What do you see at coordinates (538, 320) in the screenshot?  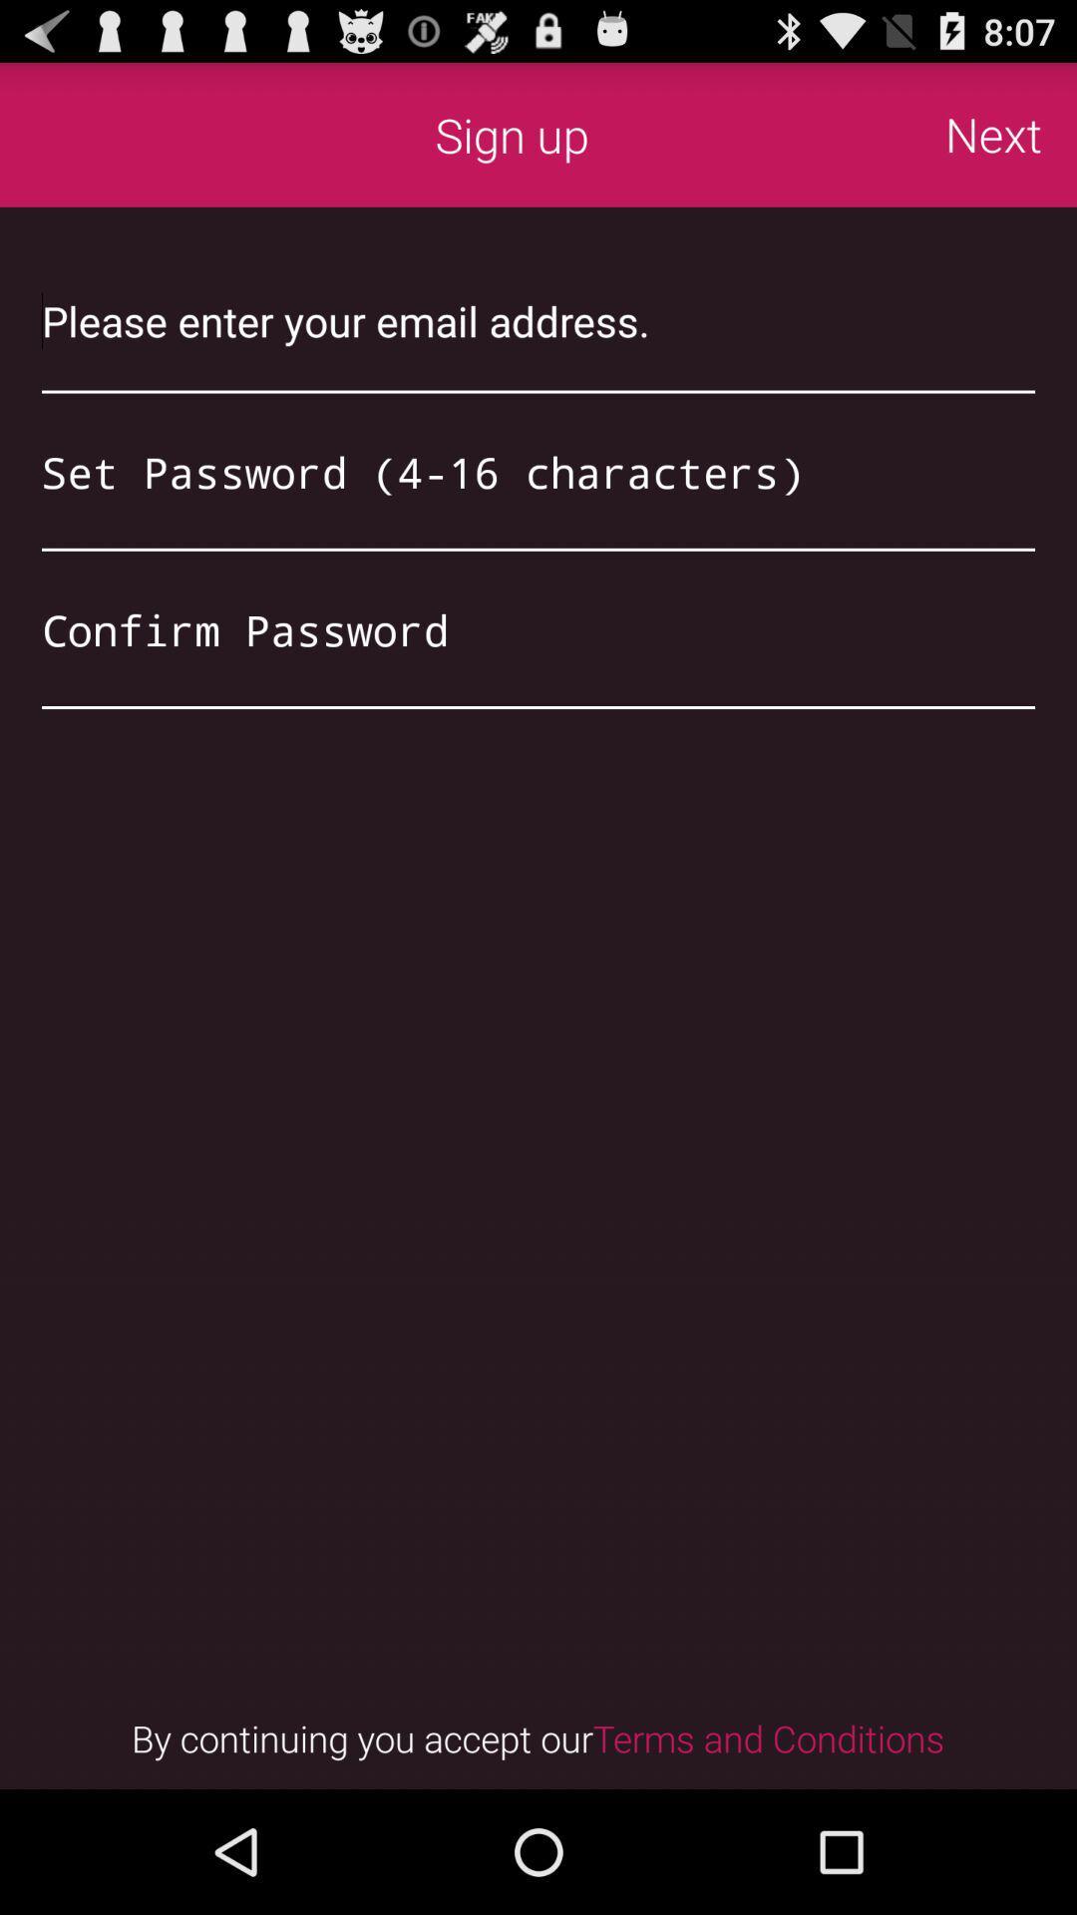 I see `email address` at bounding box center [538, 320].